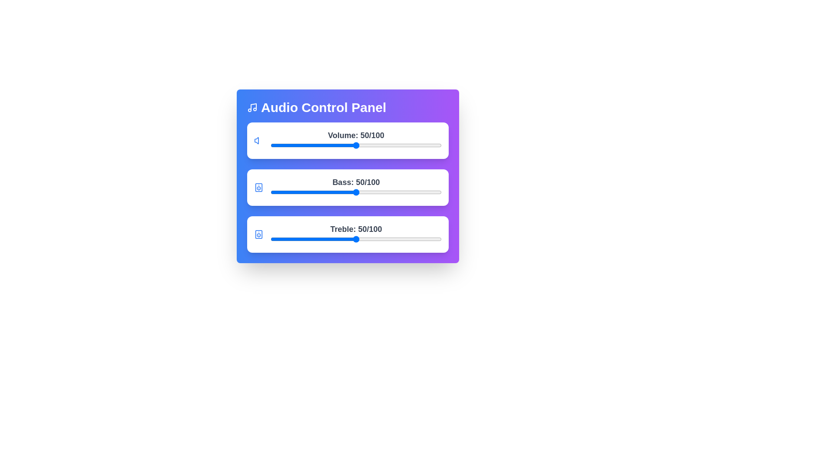 The height and width of the screenshot is (469, 834). Describe the element at coordinates (289, 192) in the screenshot. I see `the bass slider to 11` at that location.